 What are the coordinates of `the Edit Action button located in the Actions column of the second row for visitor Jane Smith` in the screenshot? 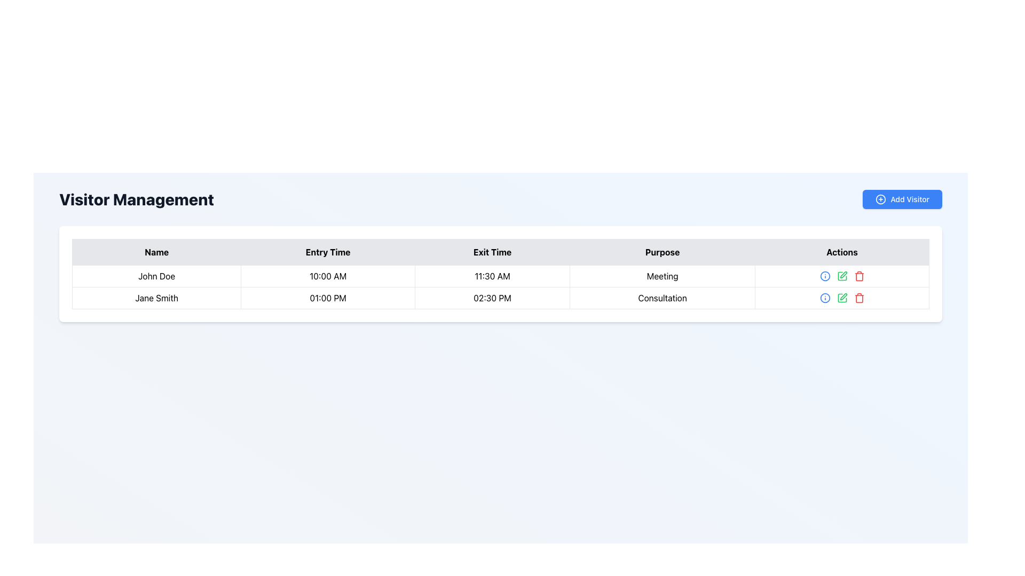 It's located at (842, 297).